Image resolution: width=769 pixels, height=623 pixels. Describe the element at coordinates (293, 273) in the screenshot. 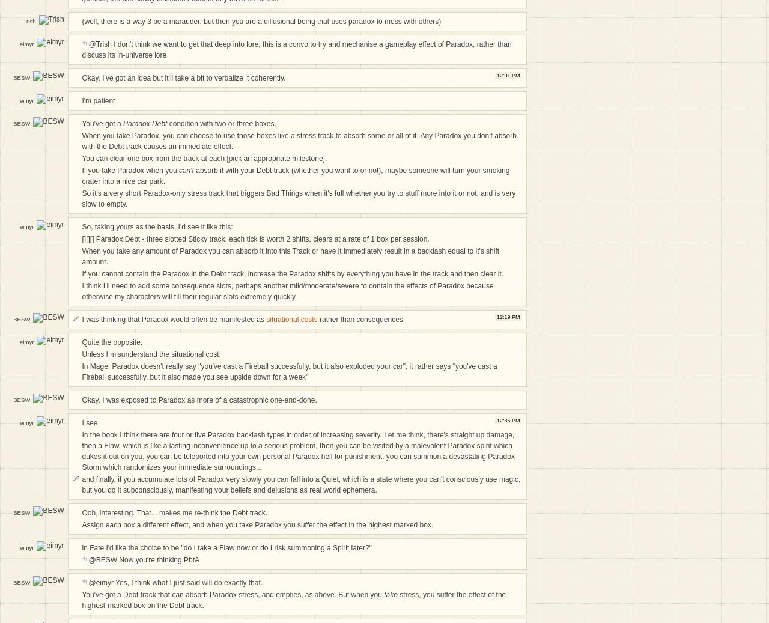

I see `'If you cannot contain the Paradox in the Debt track, increase the Paradox shifts by everything you have in the track and then clear it.'` at that location.